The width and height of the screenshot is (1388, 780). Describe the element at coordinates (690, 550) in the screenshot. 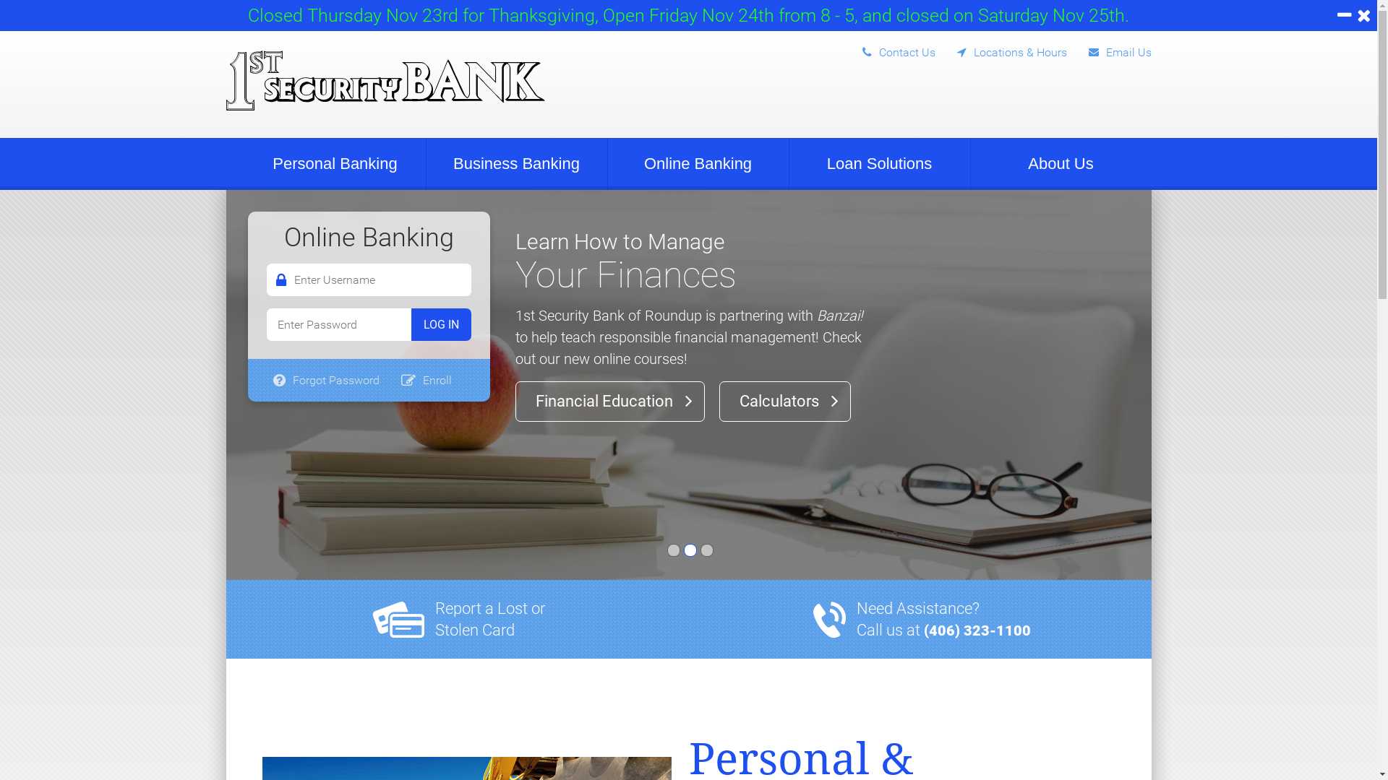

I see `'Slide-02'` at that location.